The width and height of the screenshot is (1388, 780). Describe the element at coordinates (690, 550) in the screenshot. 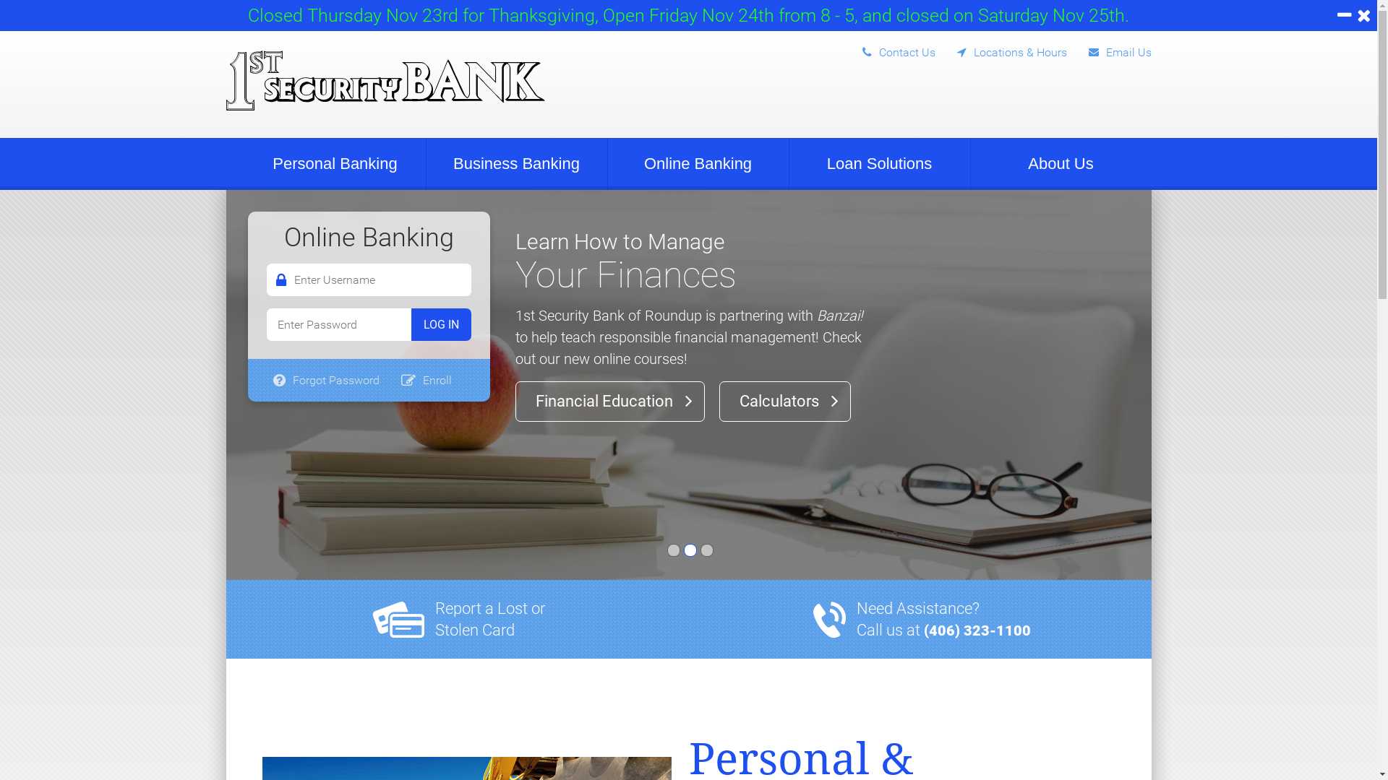

I see `'Slide-02'` at that location.